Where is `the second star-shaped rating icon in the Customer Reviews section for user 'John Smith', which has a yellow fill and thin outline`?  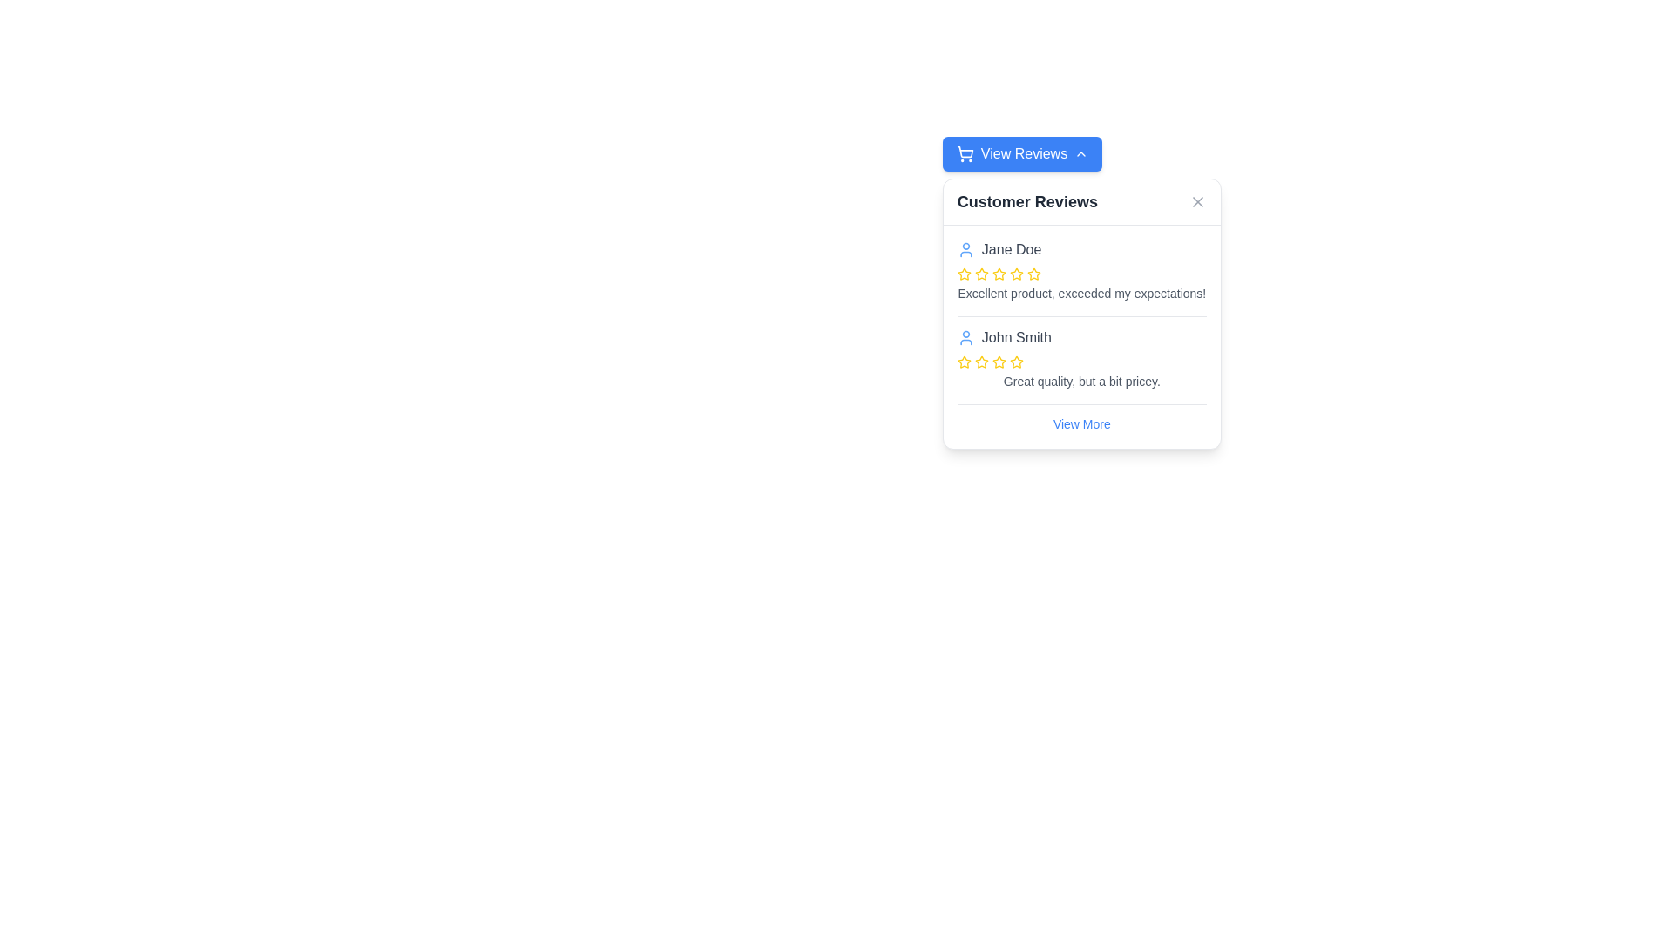
the second star-shaped rating icon in the Customer Reviews section for user 'John Smith', which has a yellow fill and thin outline is located at coordinates (981, 361).